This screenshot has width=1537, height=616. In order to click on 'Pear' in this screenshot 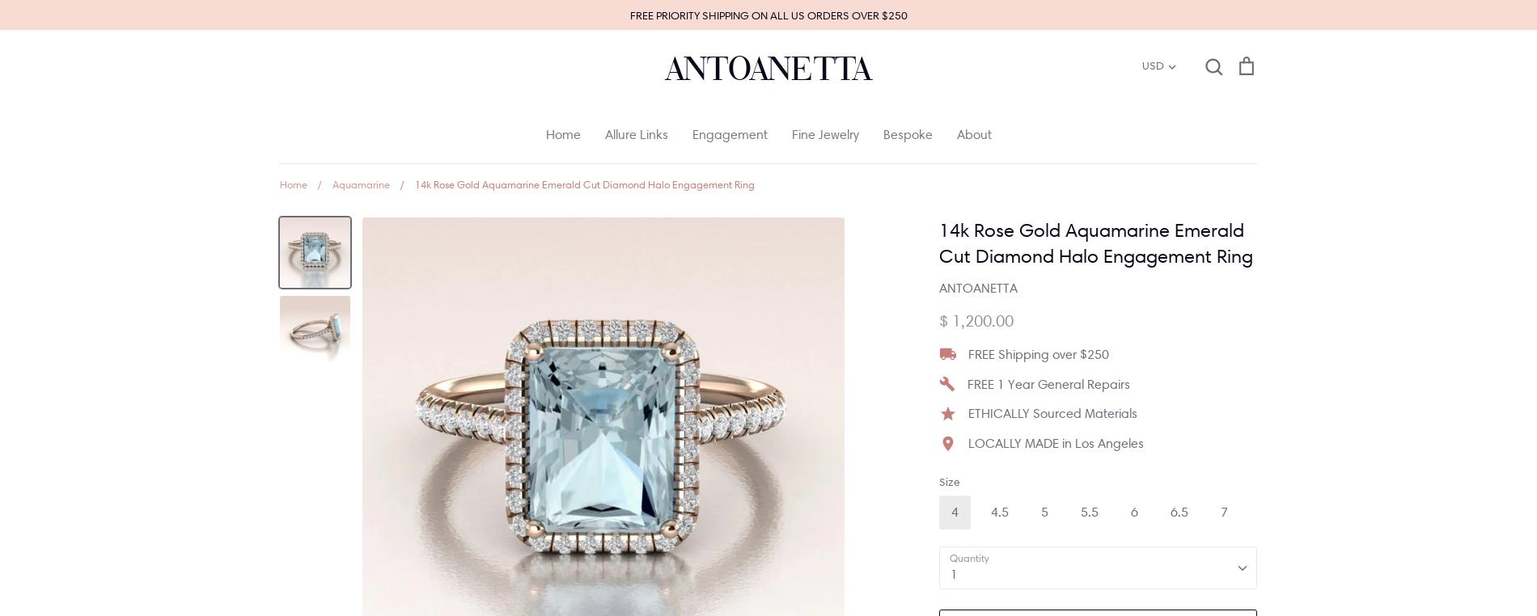, I will do `click(894, 324)`.